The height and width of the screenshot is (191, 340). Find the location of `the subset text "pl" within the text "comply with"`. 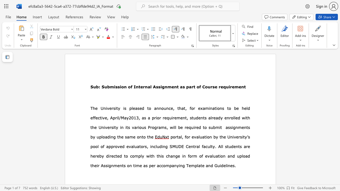

the subset text "pl" within the text "comply with" is located at coordinates (138, 156).